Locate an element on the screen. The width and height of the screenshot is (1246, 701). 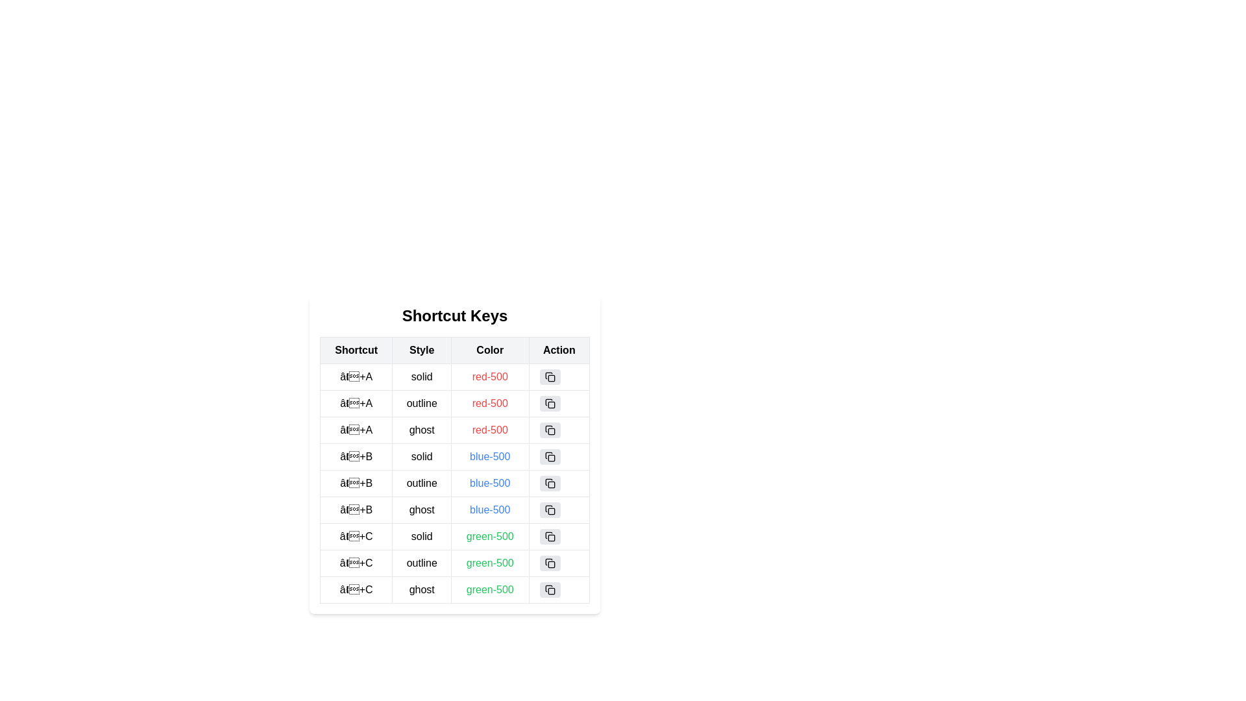
the text content from the table cell in the fifth row under the 'Style' column that contains the text 'outline' is located at coordinates (454, 470).